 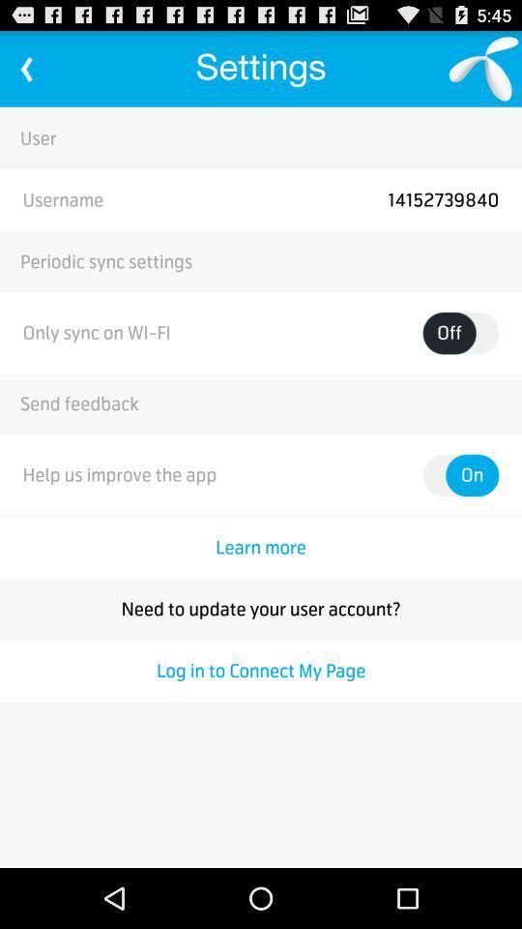 What do you see at coordinates (261, 548) in the screenshot?
I see `icon above need to update item` at bounding box center [261, 548].